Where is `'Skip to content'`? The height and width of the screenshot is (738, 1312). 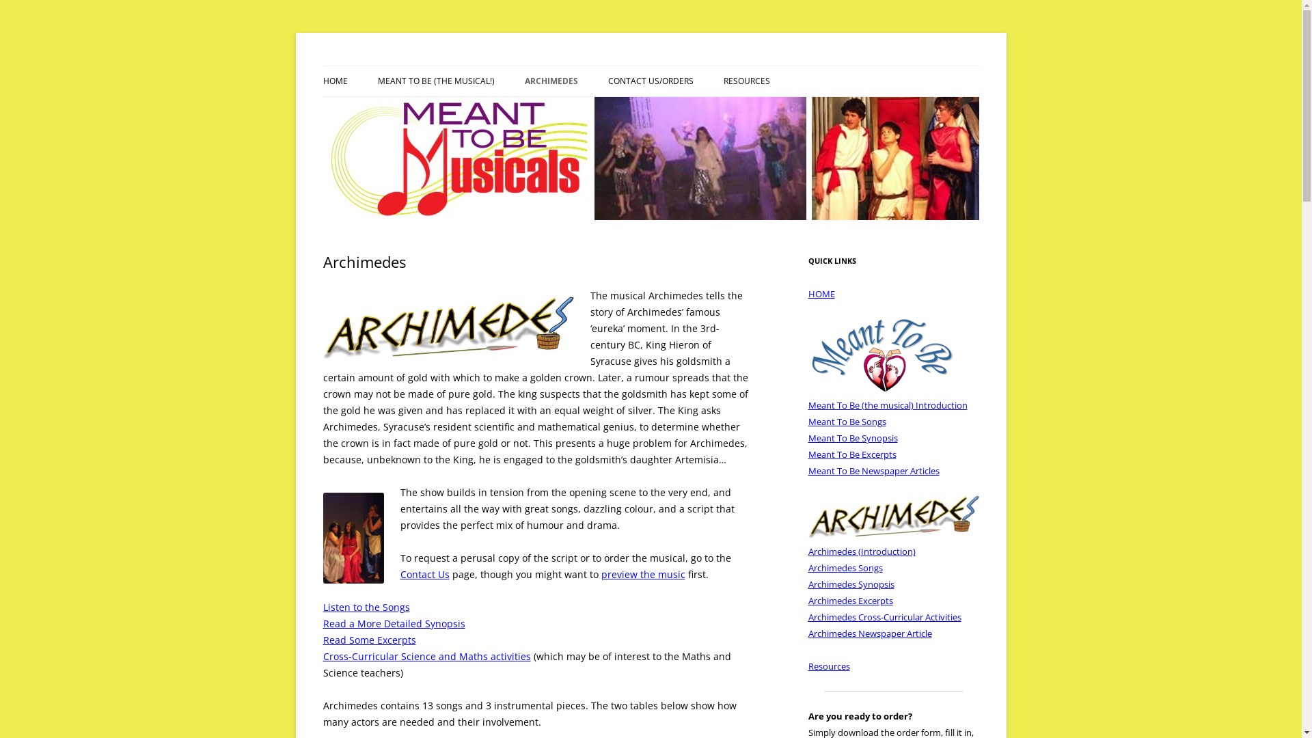 'Skip to content' is located at coordinates (685, 70).